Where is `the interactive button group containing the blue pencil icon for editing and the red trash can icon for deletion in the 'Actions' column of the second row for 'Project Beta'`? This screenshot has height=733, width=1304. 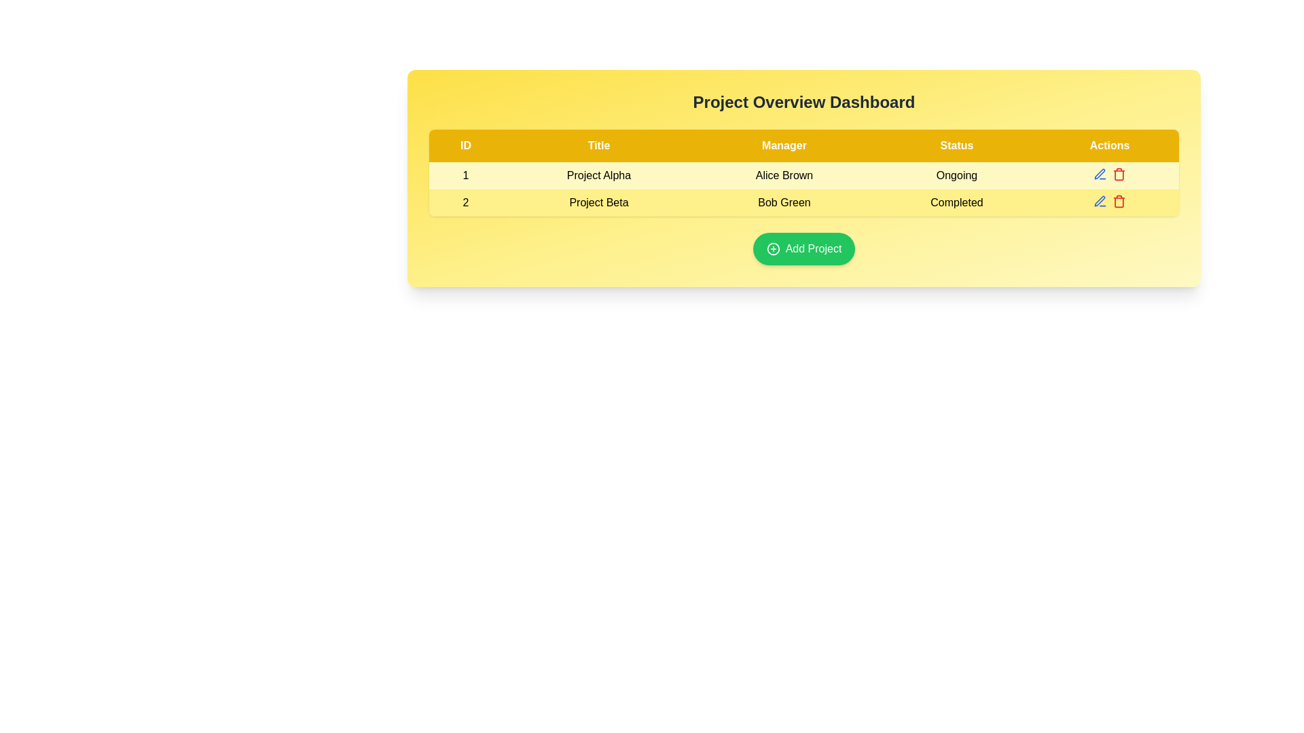
the interactive button group containing the blue pencil icon for editing and the red trash can icon for deletion in the 'Actions' column of the second row for 'Project Beta' is located at coordinates (1109, 202).